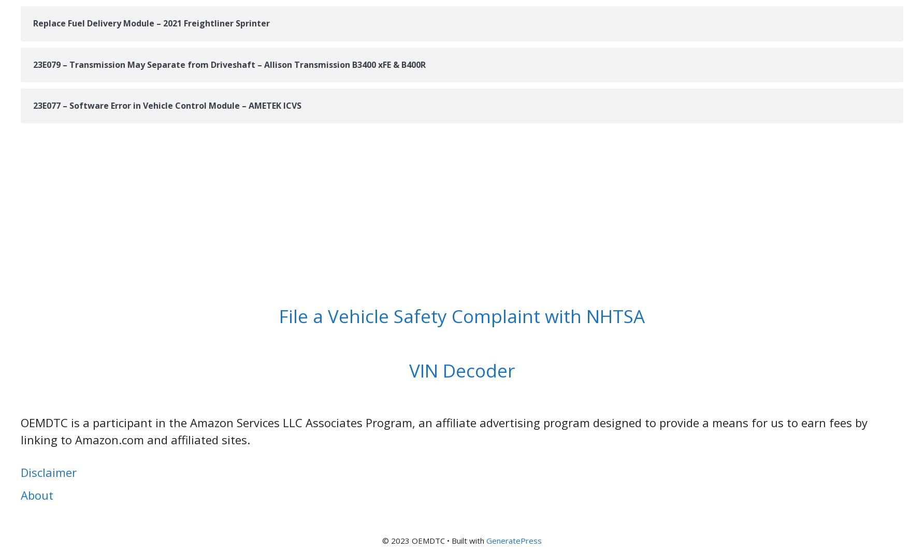 The height and width of the screenshot is (552, 924). I want to click on '© 2023 OEMDTC', so click(413, 540).